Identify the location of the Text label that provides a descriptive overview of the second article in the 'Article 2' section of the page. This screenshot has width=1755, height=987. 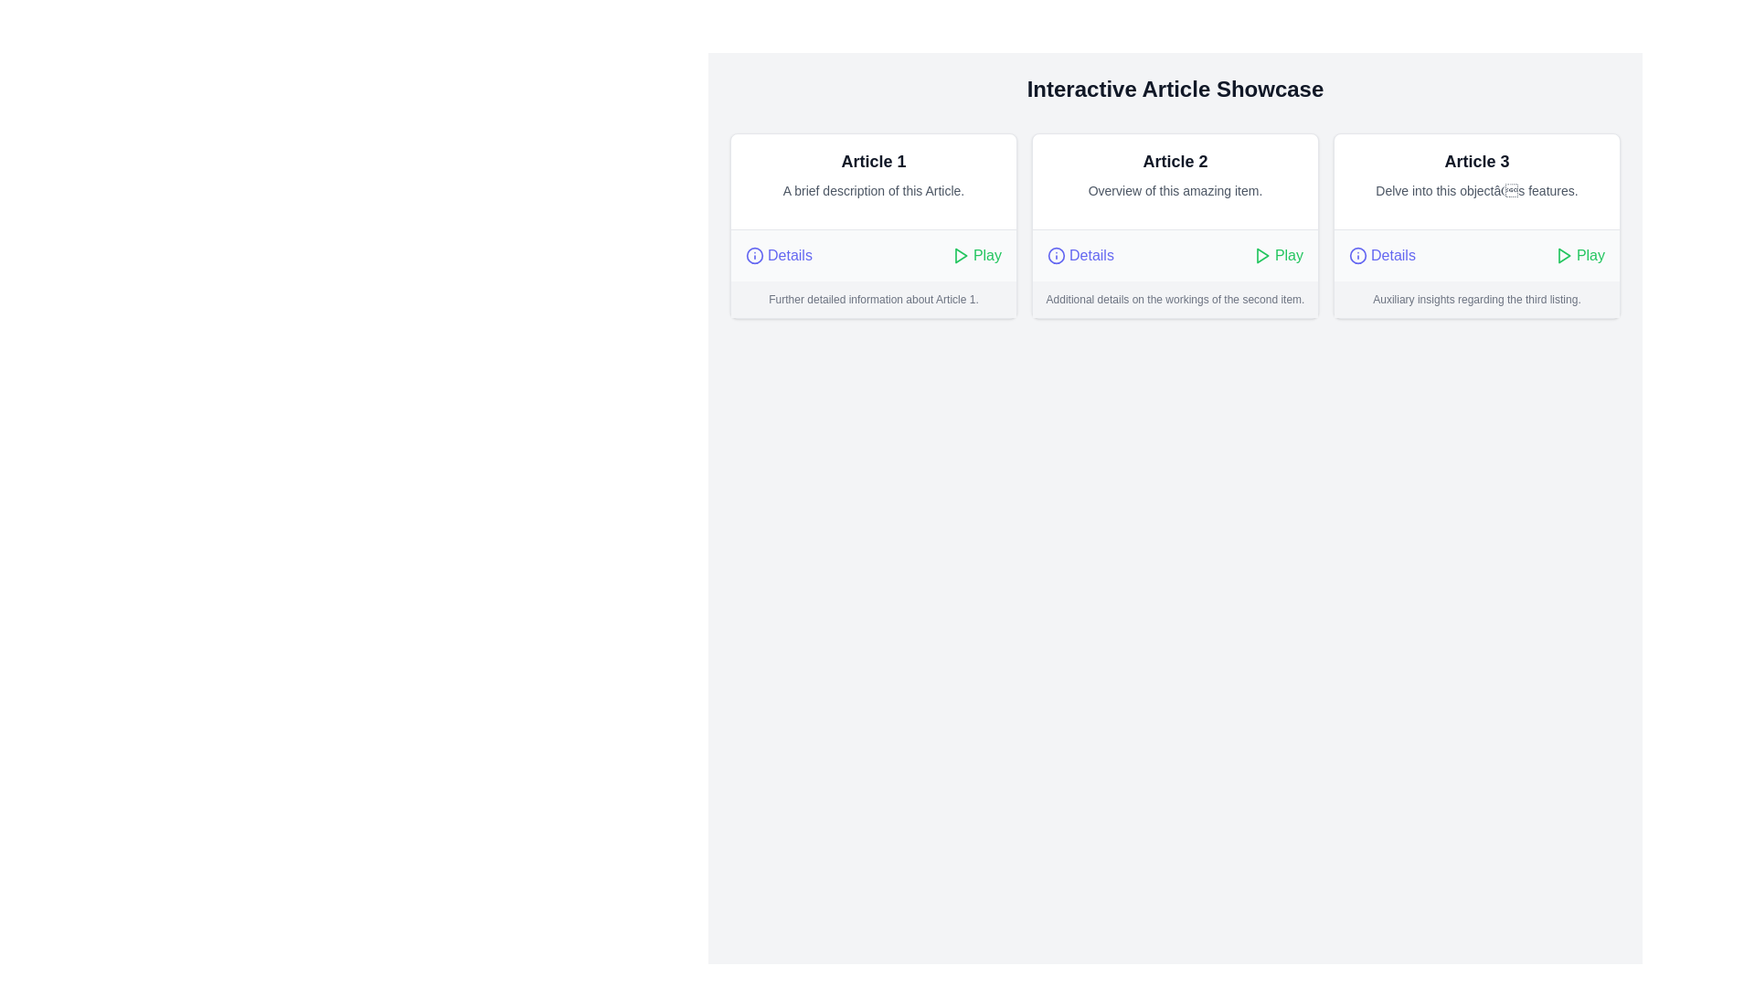
(1175, 190).